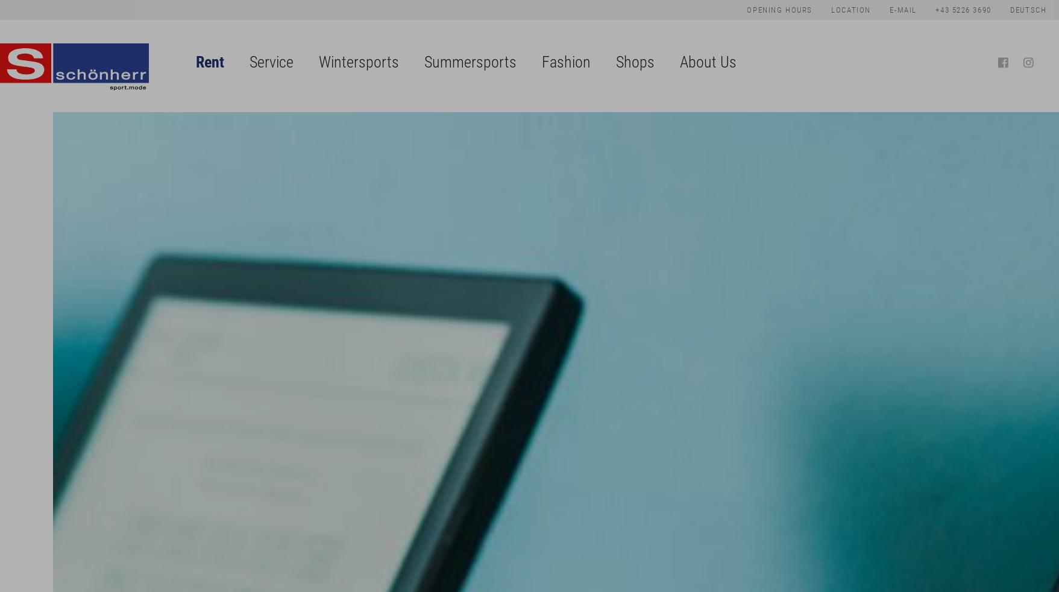 Image resolution: width=1059 pixels, height=592 pixels. I want to click on 'Bike Hire', so click(210, 142).